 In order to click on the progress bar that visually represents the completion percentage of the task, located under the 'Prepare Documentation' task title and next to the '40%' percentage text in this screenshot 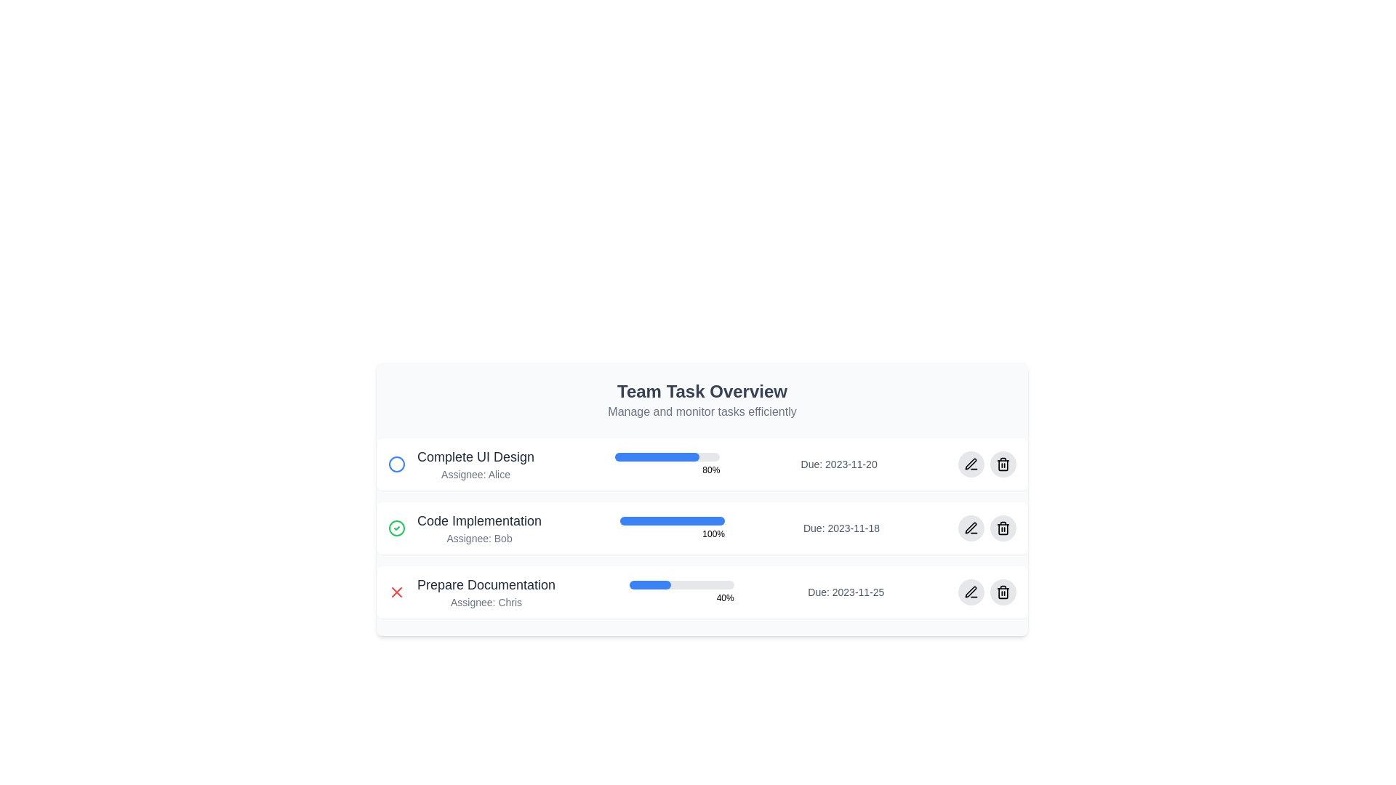, I will do `click(681, 592)`.